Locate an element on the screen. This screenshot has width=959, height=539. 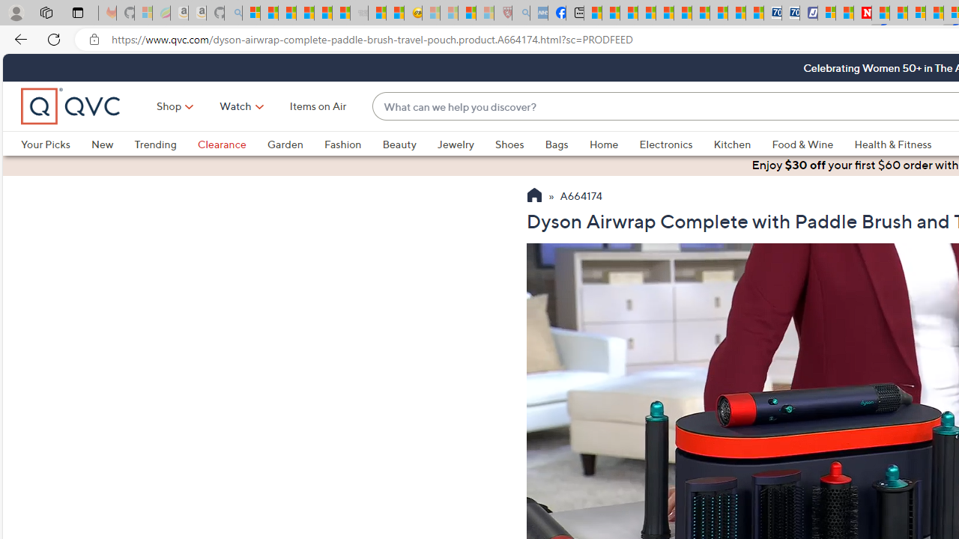
'Jewelry' is located at coordinates (455, 144).